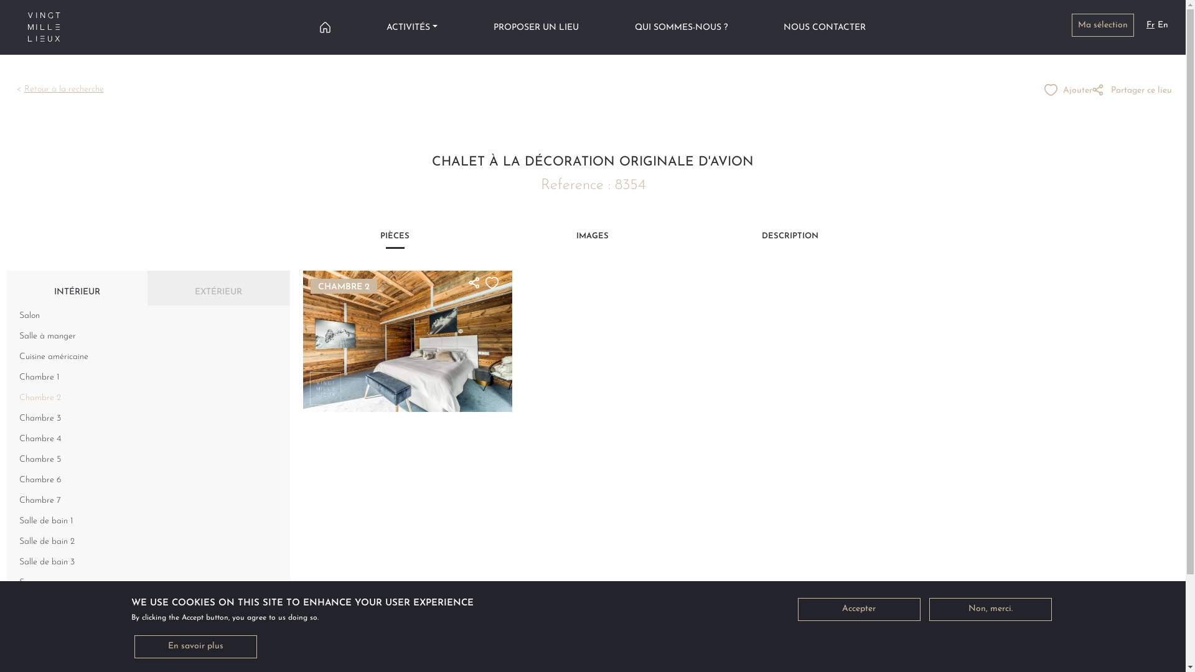  What do you see at coordinates (790, 240) in the screenshot?
I see `'DESCRIPTION'` at bounding box center [790, 240].